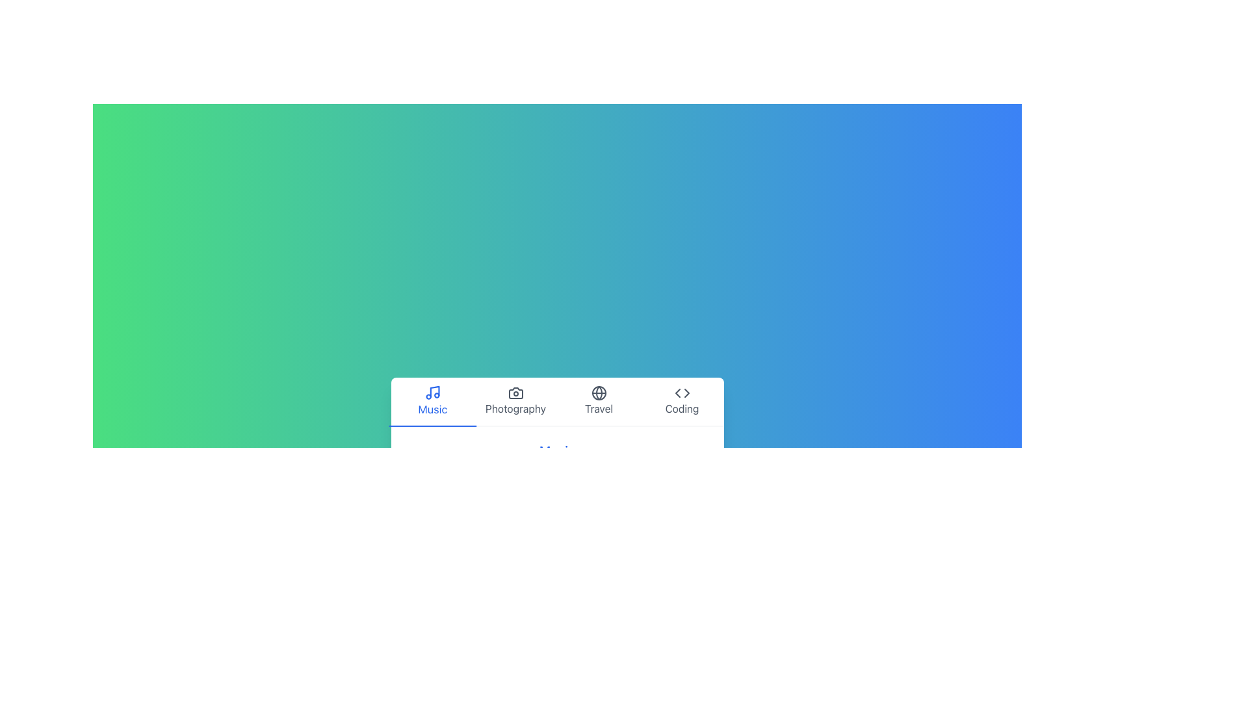  Describe the element at coordinates (557, 454) in the screenshot. I see `the 'Music' tab in the navigation bar of the white rectangular card with rounded corners, which contains options for 'Music', 'Photography', 'Travel', and 'Coding'` at that location.